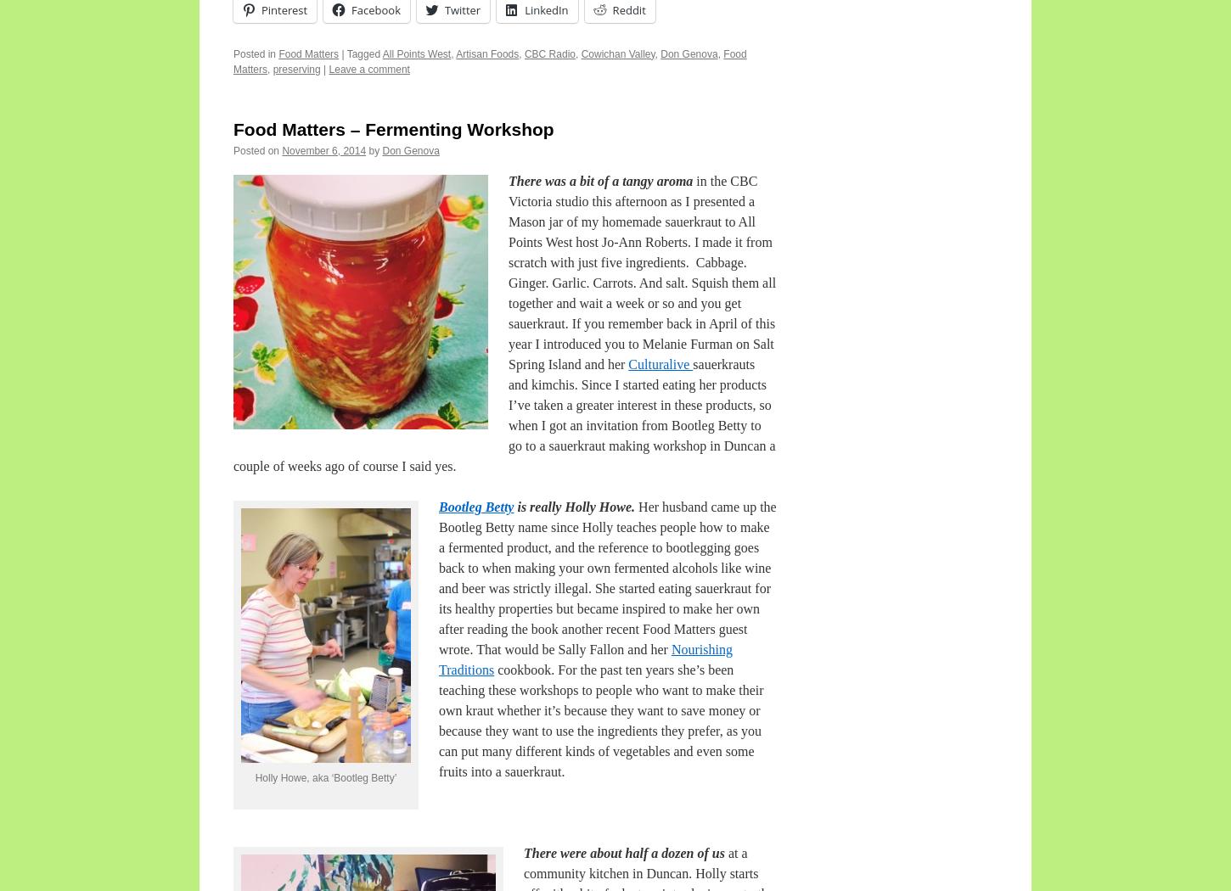  What do you see at coordinates (374, 9) in the screenshot?
I see `'Facebook'` at bounding box center [374, 9].